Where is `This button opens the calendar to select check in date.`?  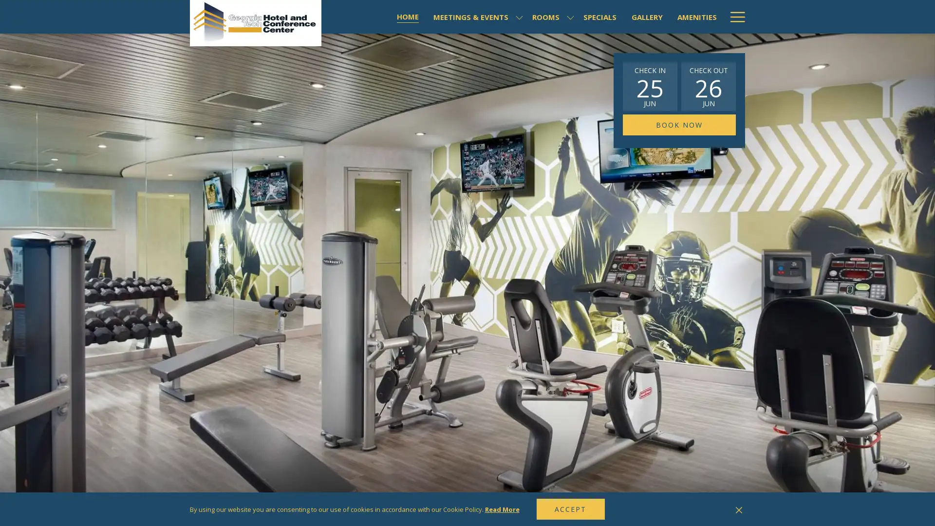 This button opens the calendar to select check in date. is located at coordinates (650, 86).